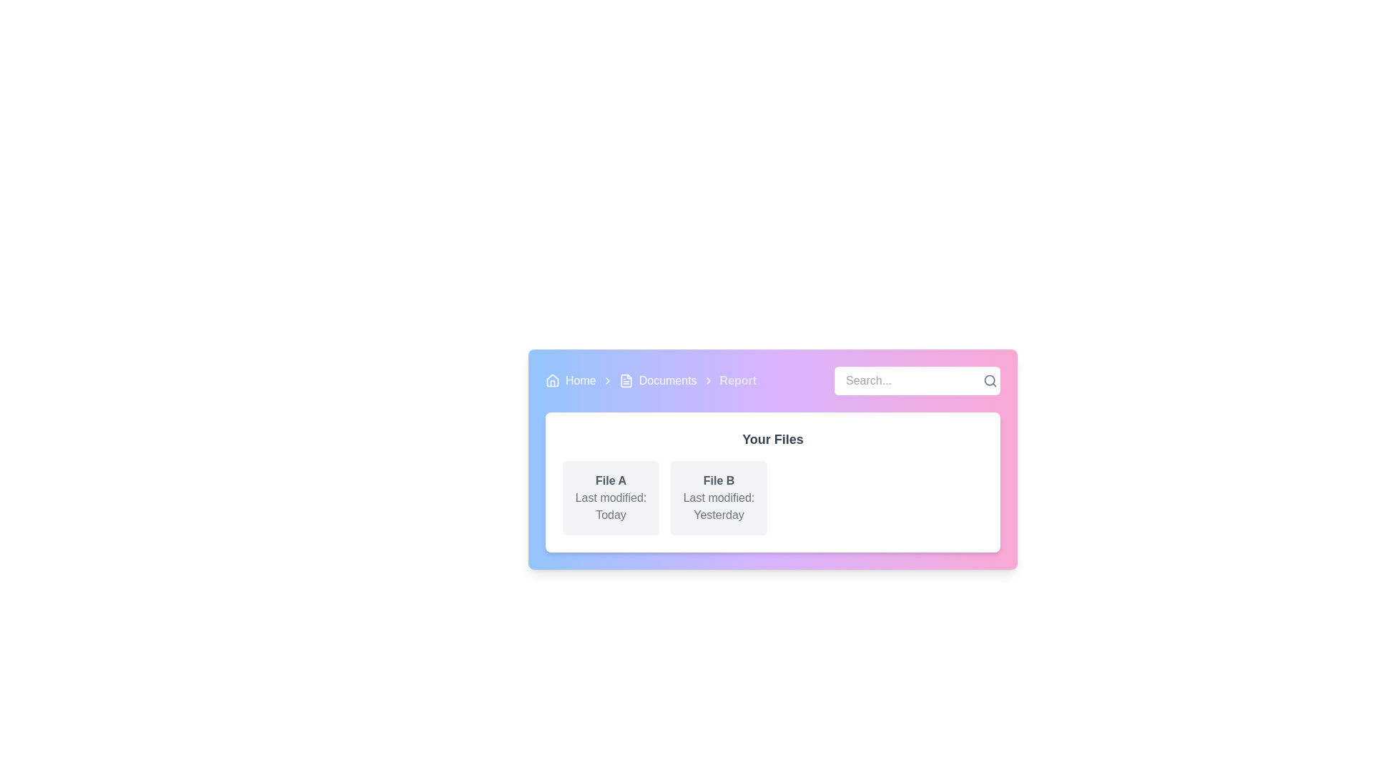  What do you see at coordinates (650, 380) in the screenshot?
I see `the Breadcrumb item labeled 'Documents' in the navigation bar, which indicates the user's current location in the interface` at bounding box center [650, 380].